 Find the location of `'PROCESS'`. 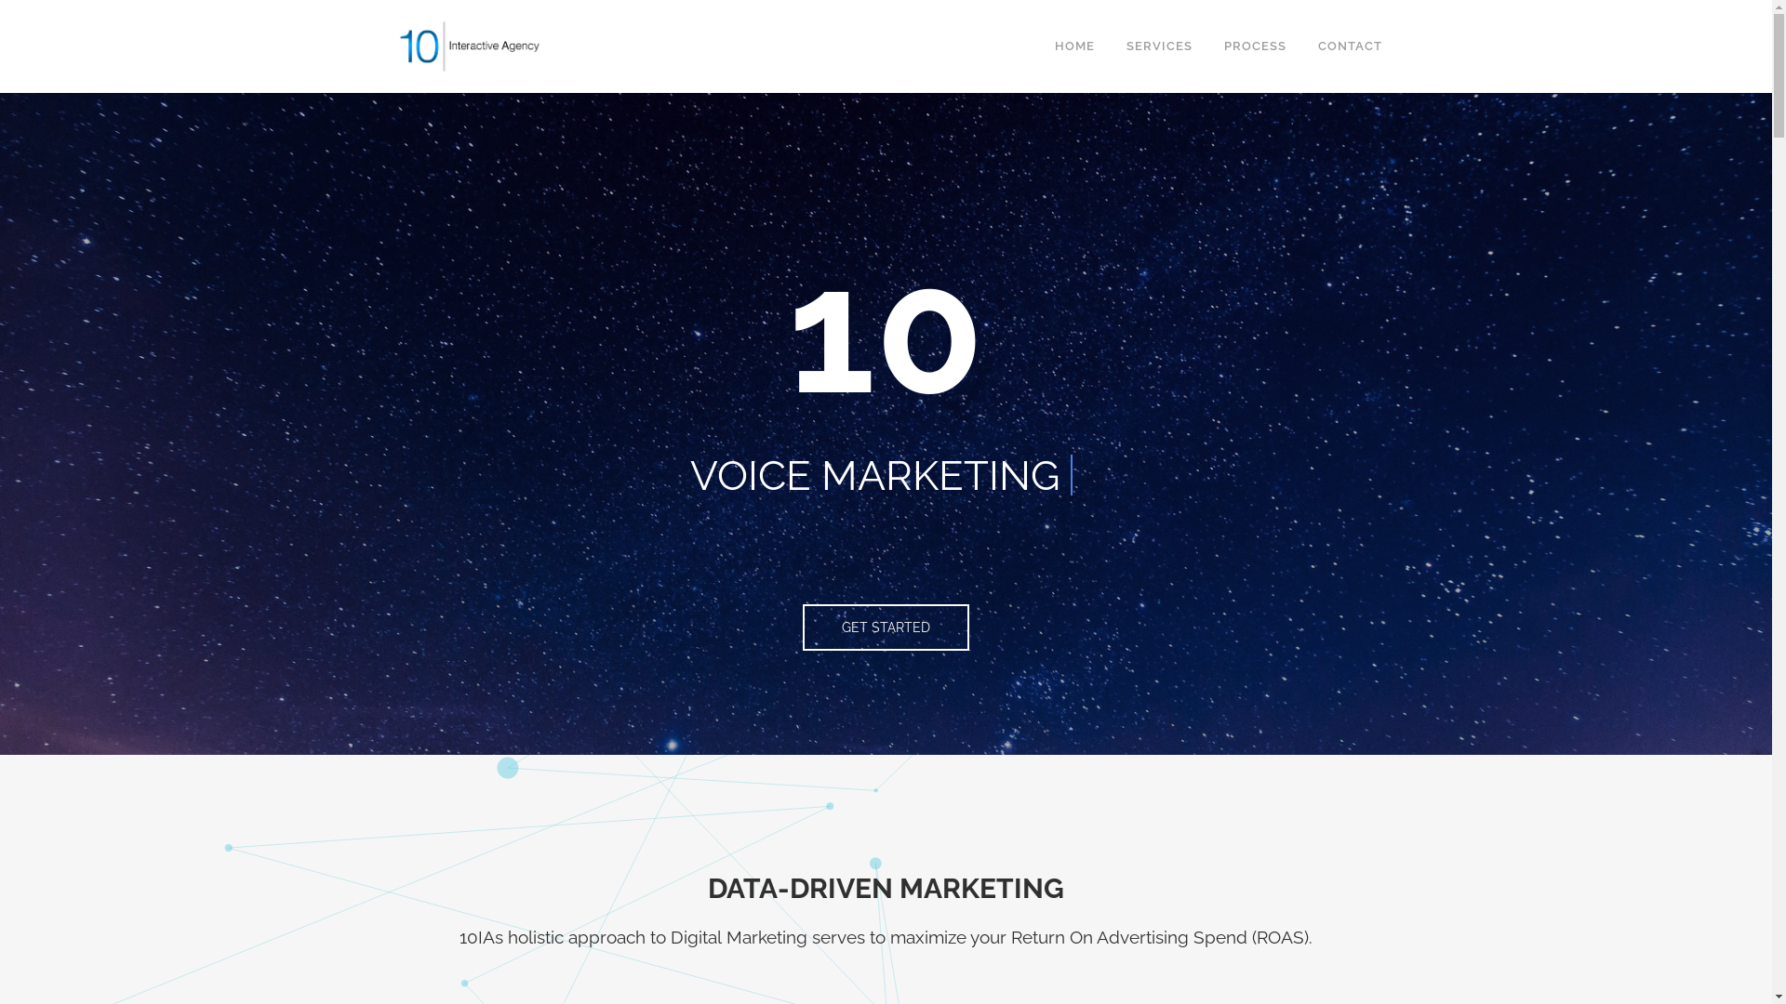

'PROCESS' is located at coordinates (1206, 46).